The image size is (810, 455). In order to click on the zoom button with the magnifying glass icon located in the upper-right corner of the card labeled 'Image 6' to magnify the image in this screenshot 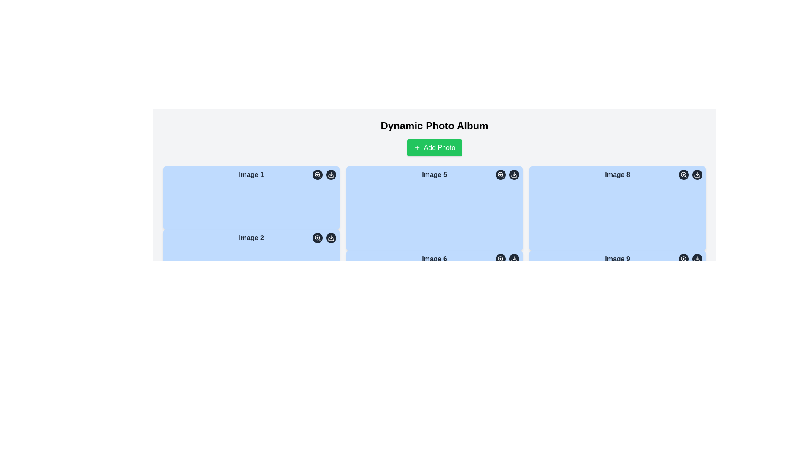, I will do `click(507, 258)`.